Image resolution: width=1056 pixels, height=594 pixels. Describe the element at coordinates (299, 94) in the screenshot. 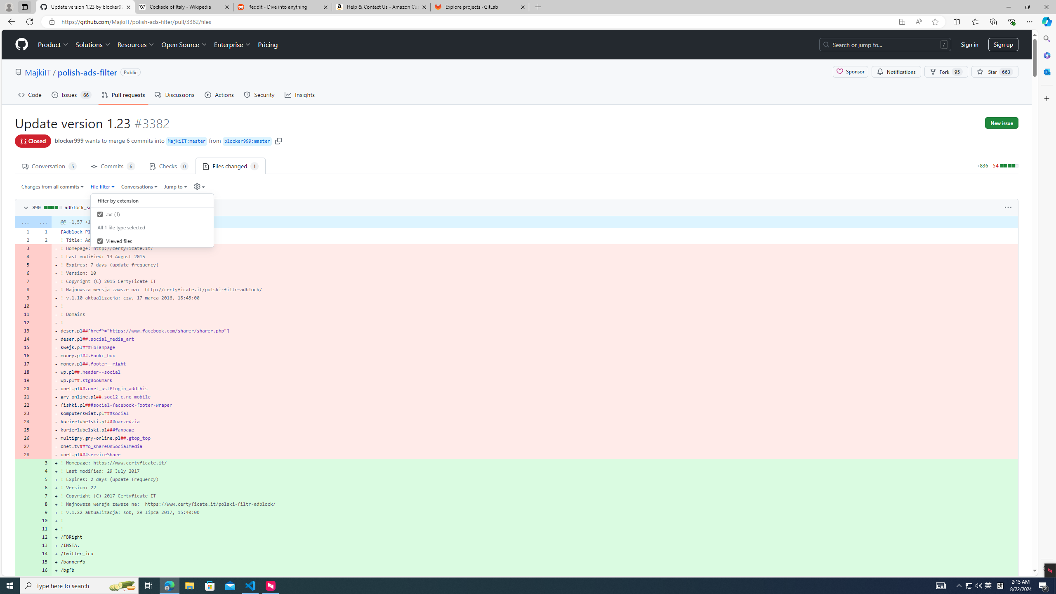

I see `'Insights'` at that location.